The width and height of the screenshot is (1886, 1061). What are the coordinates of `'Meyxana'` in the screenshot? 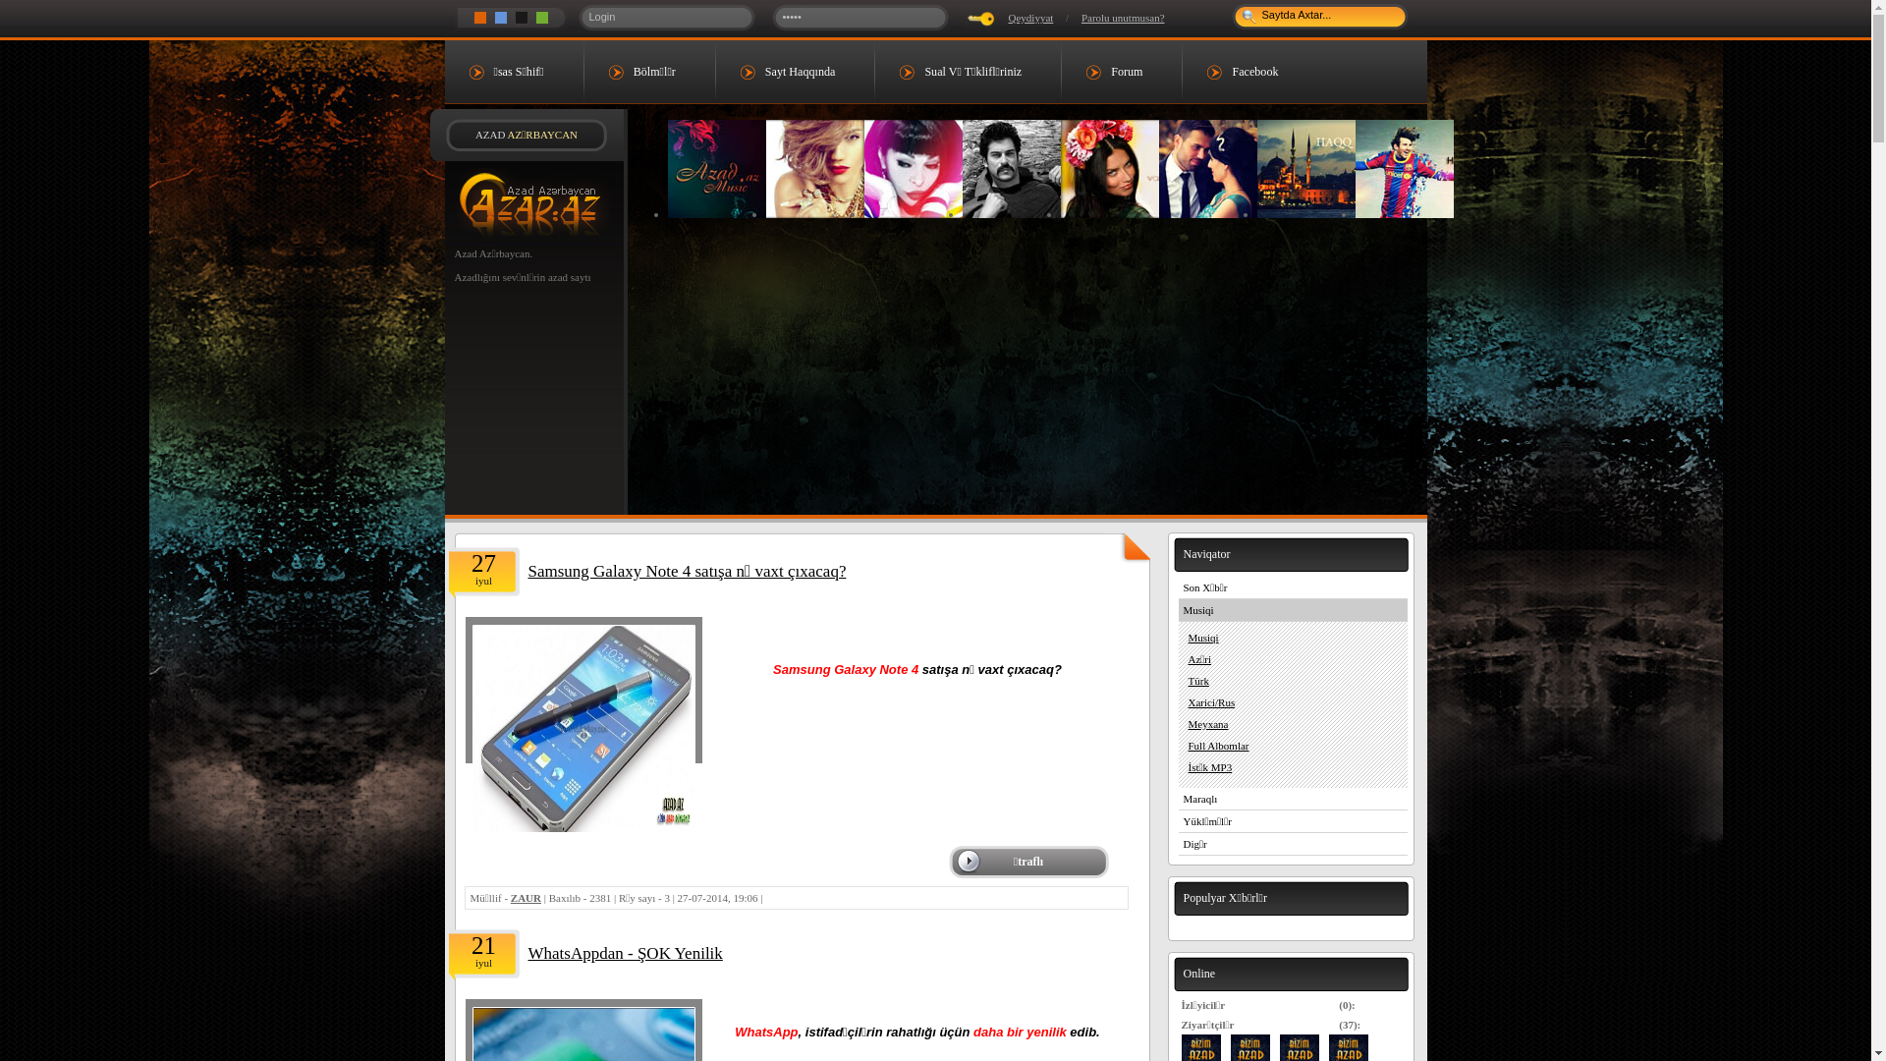 It's located at (1292, 723).